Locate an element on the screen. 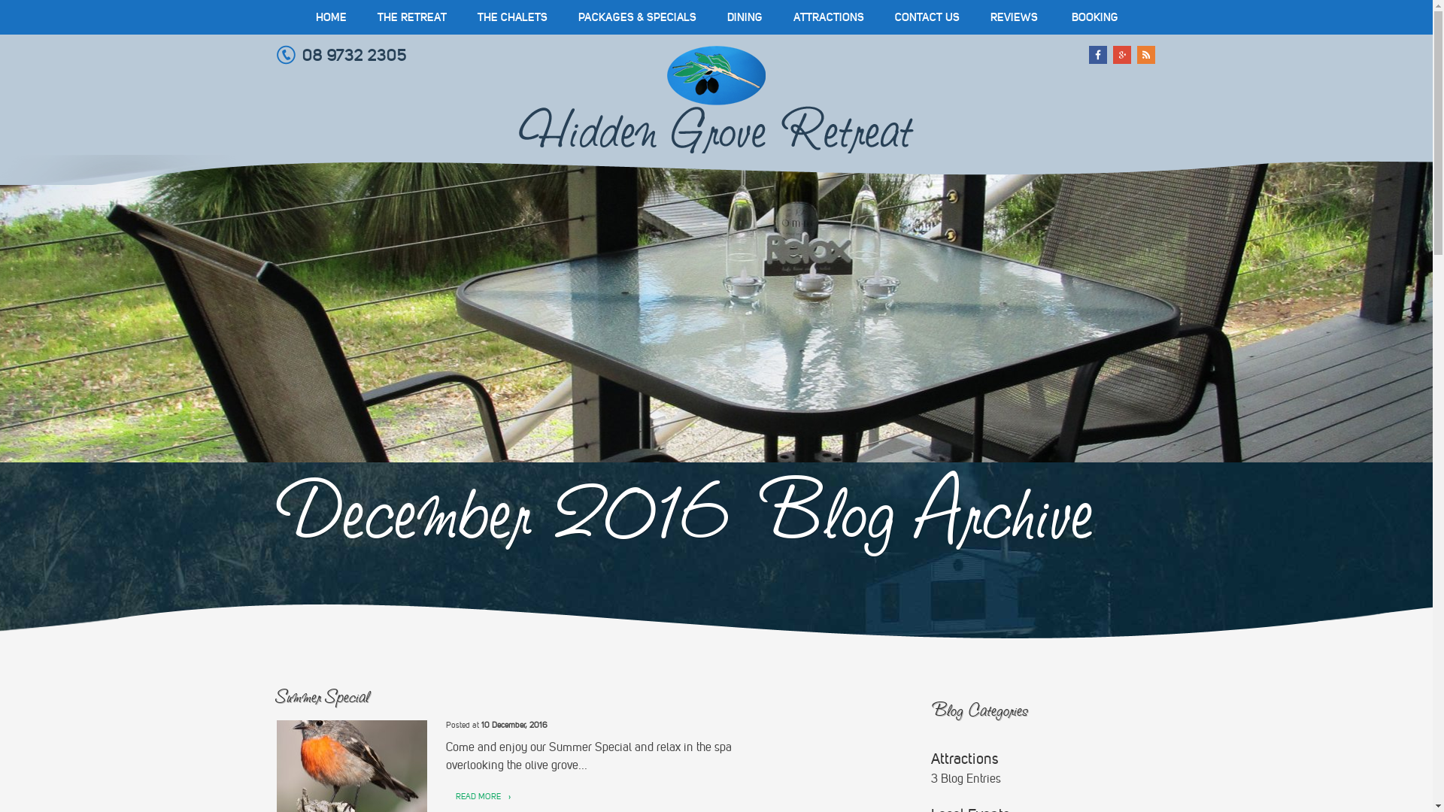 The image size is (1444, 812). 'Attractions' is located at coordinates (930, 759).